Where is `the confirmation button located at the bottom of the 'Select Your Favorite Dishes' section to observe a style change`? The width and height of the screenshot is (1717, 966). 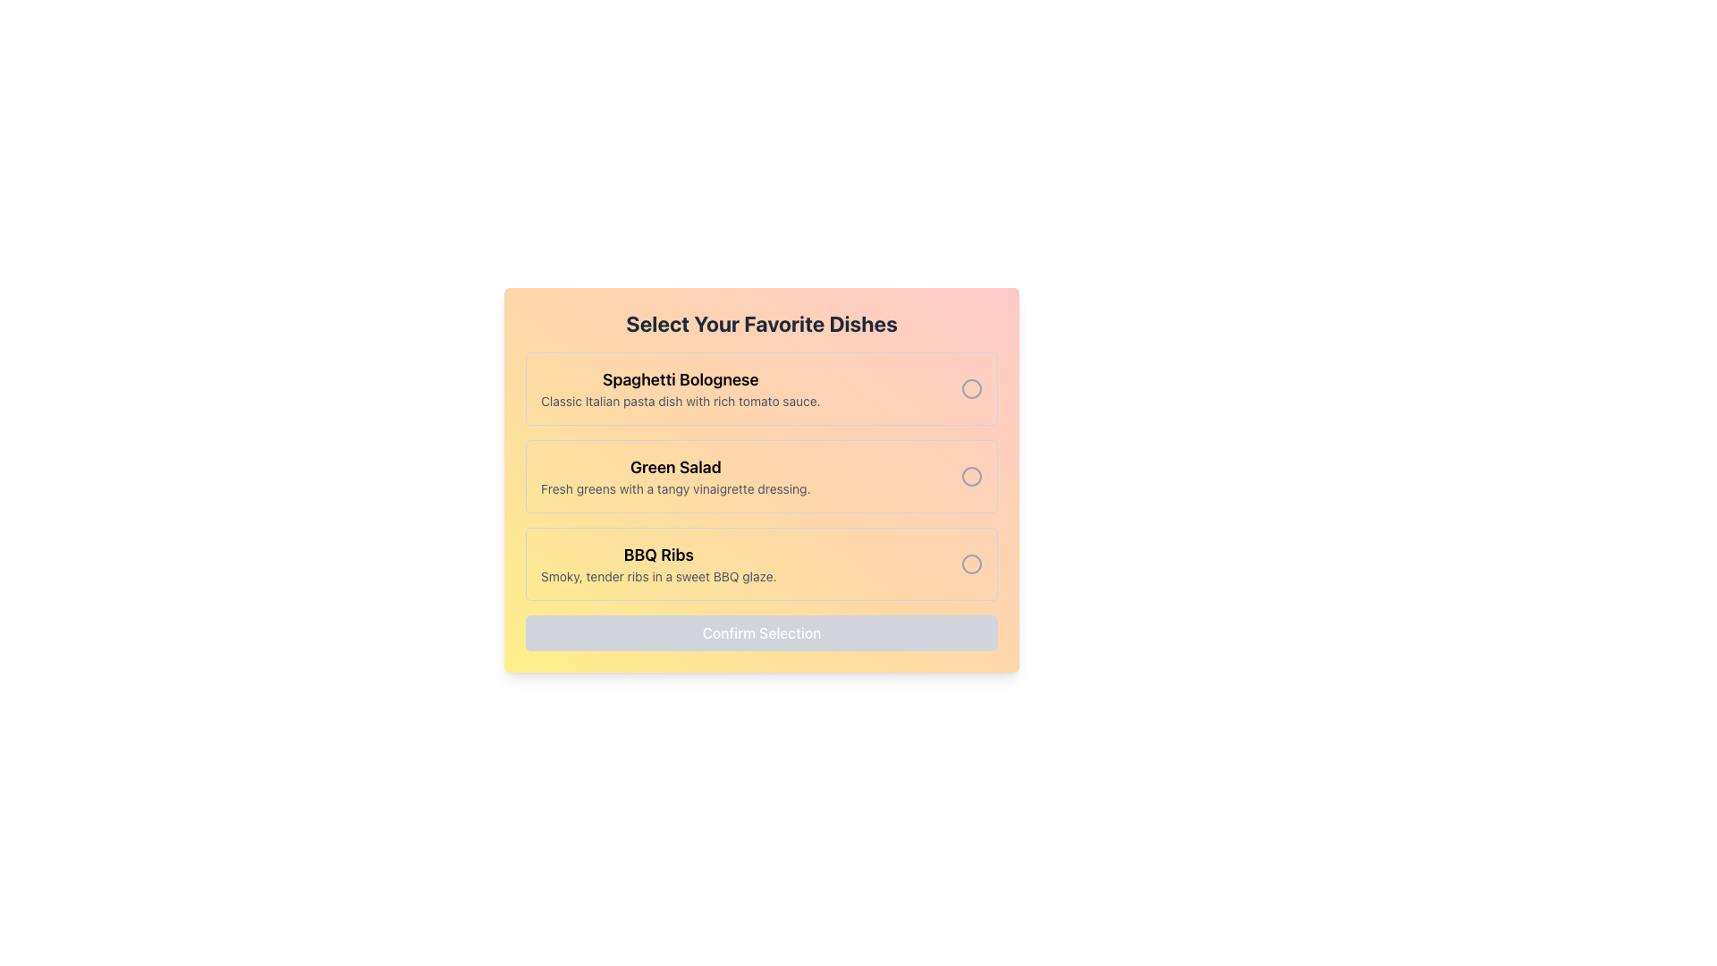
the confirmation button located at the bottom of the 'Select Your Favorite Dishes' section to observe a style change is located at coordinates (761, 632).